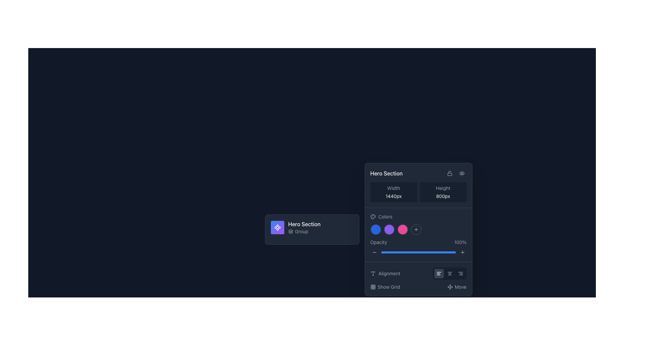 The height and width of the screenshot is (363, 646). Describe the element at coordinates (416, 229) in the screenshot. I see `the circular button located at the bottom-right section of the panel to trigger visual feedback` at that location.